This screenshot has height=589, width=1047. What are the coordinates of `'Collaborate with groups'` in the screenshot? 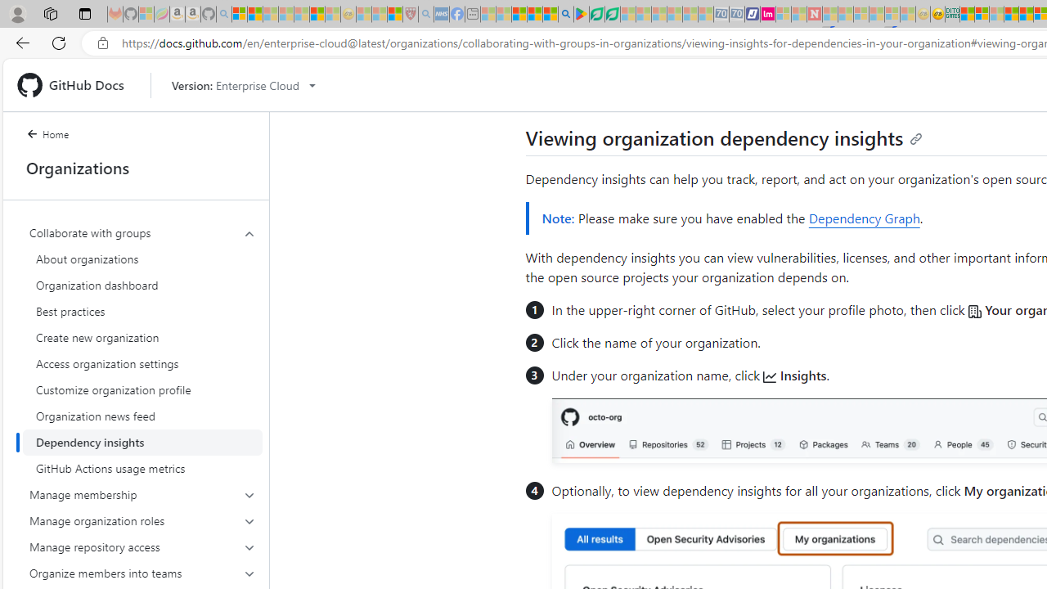 It's located at (142, 233).